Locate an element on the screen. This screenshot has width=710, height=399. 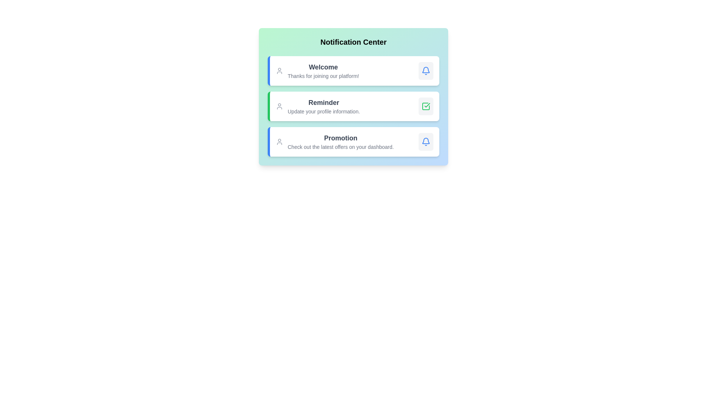
the user avatar icon associated with Reminder notification is located at coordinates (279, 106).